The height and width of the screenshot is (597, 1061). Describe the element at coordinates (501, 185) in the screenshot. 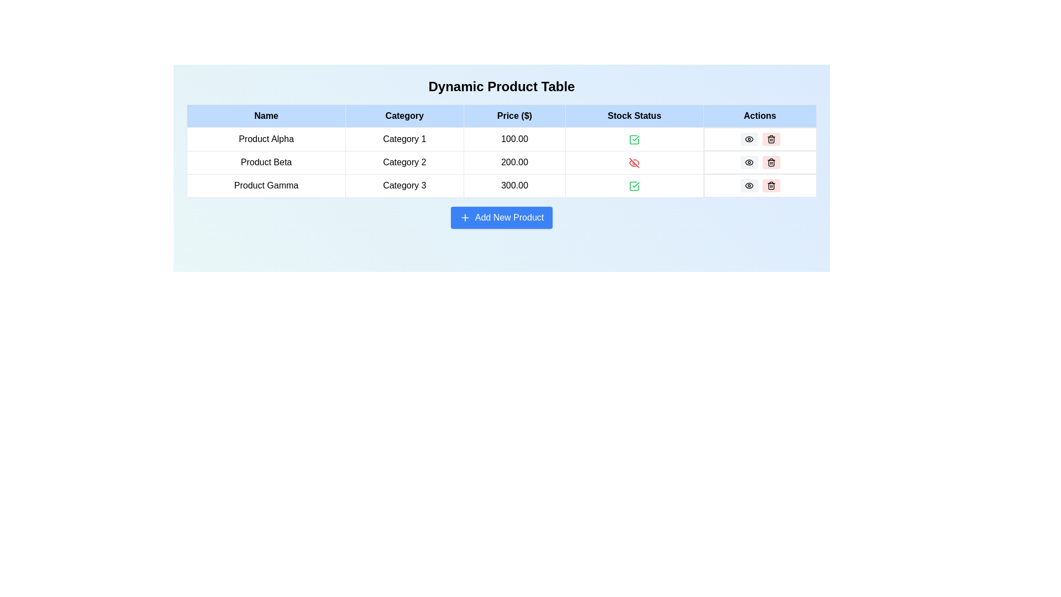

I see `the third row of the table that lists information about 'Product Gamma', which includes its name, category, price, and action icons` at that location.